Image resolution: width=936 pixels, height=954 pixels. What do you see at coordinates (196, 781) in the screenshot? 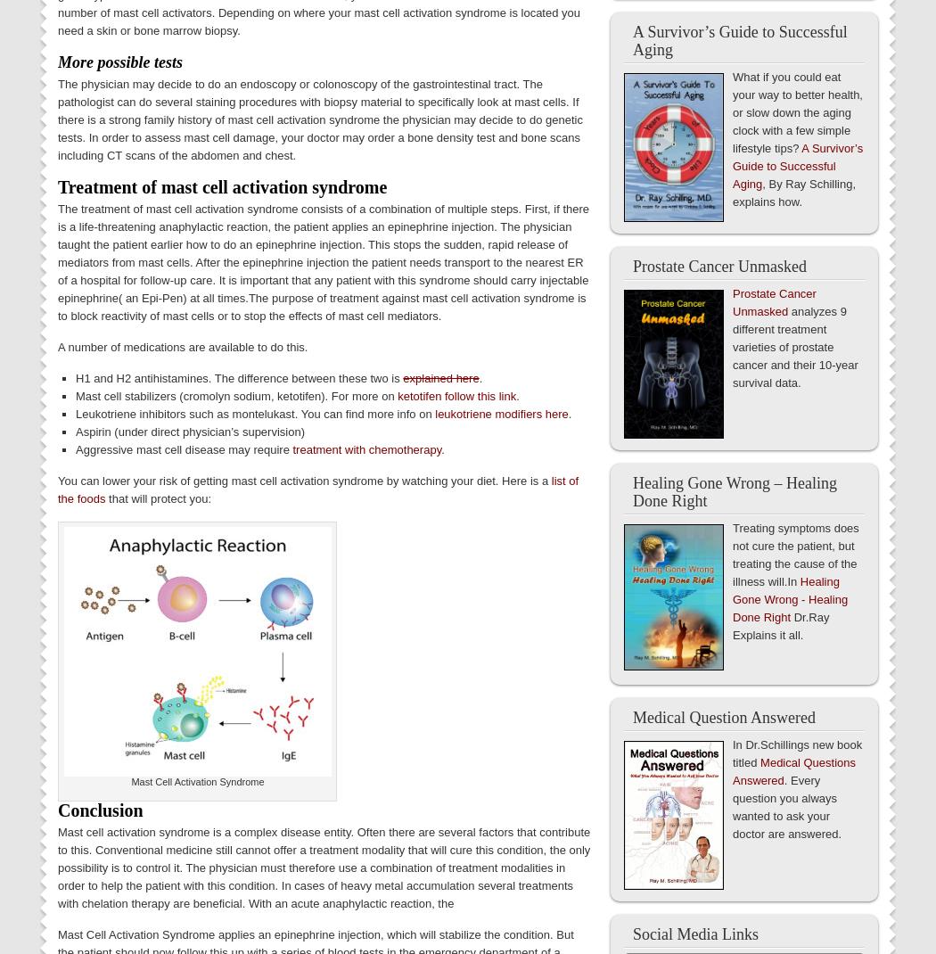
I see `'Mast Cell Activation Syndrome'` at bounding box center [196, 781].